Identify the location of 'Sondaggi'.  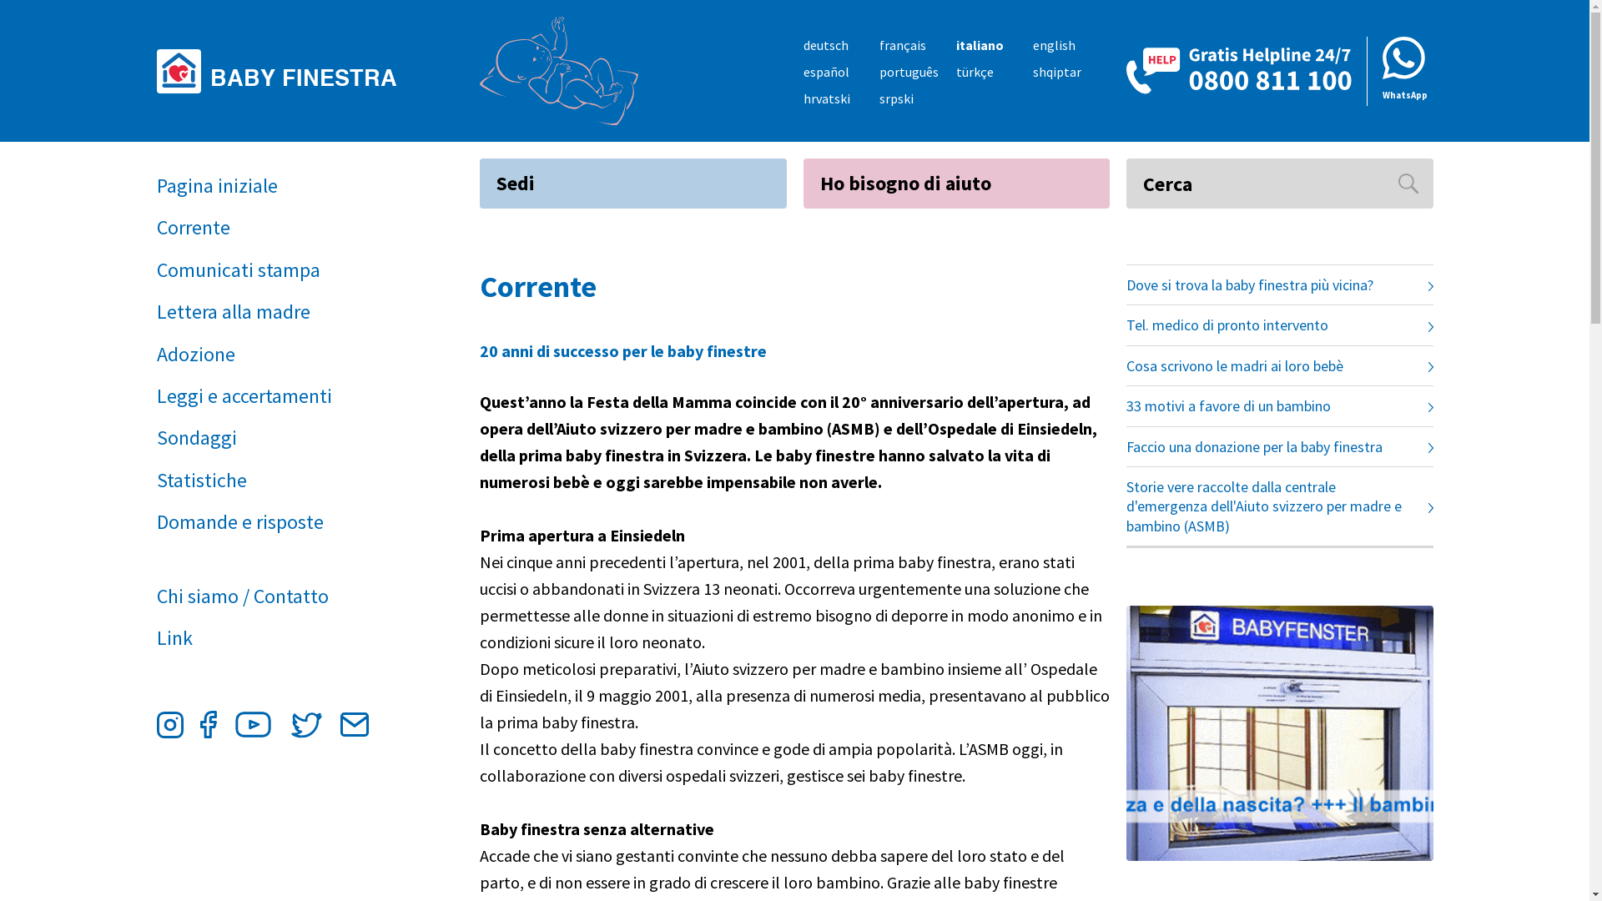
(280, 436).